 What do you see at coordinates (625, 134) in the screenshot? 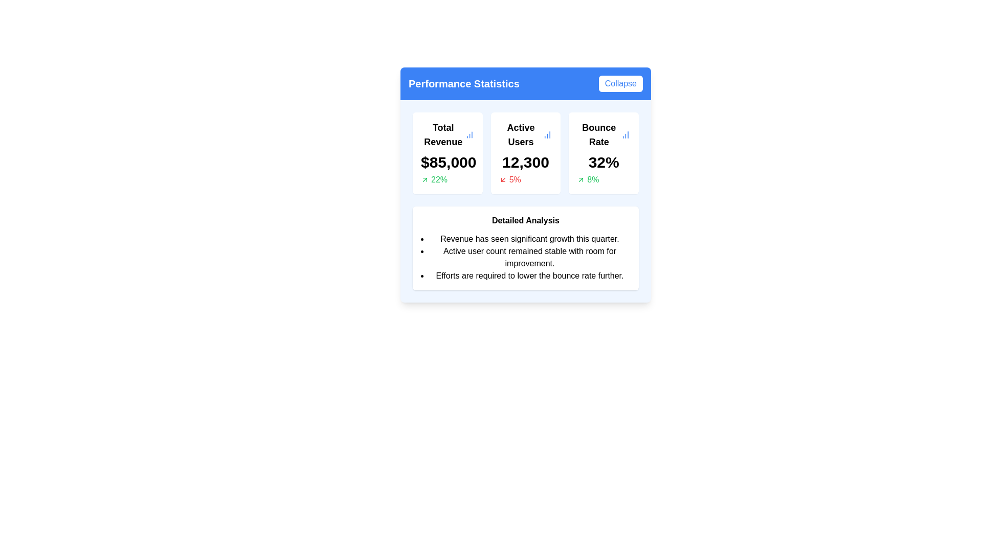
I see `the small blue chart icon representing the bounce rate, which is located at the top-right of the Bounce Rate section next to the displayed percentage value` at bounding box center [625, 134].